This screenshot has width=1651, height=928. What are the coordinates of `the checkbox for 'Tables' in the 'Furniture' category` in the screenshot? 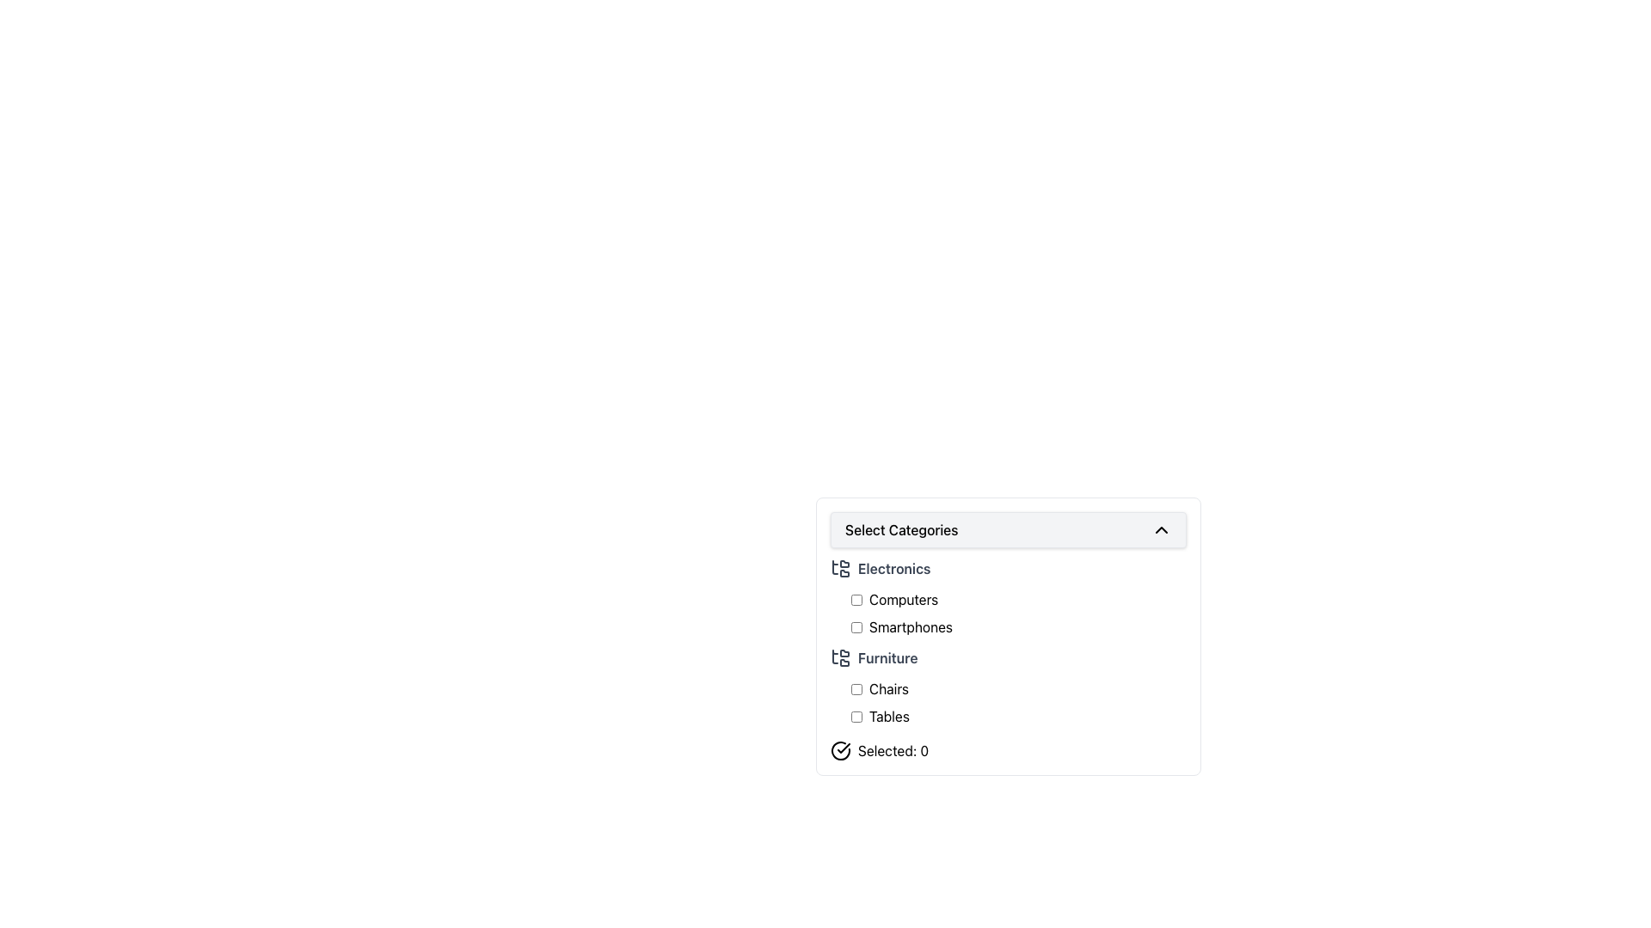 It's located at (1019, 716).